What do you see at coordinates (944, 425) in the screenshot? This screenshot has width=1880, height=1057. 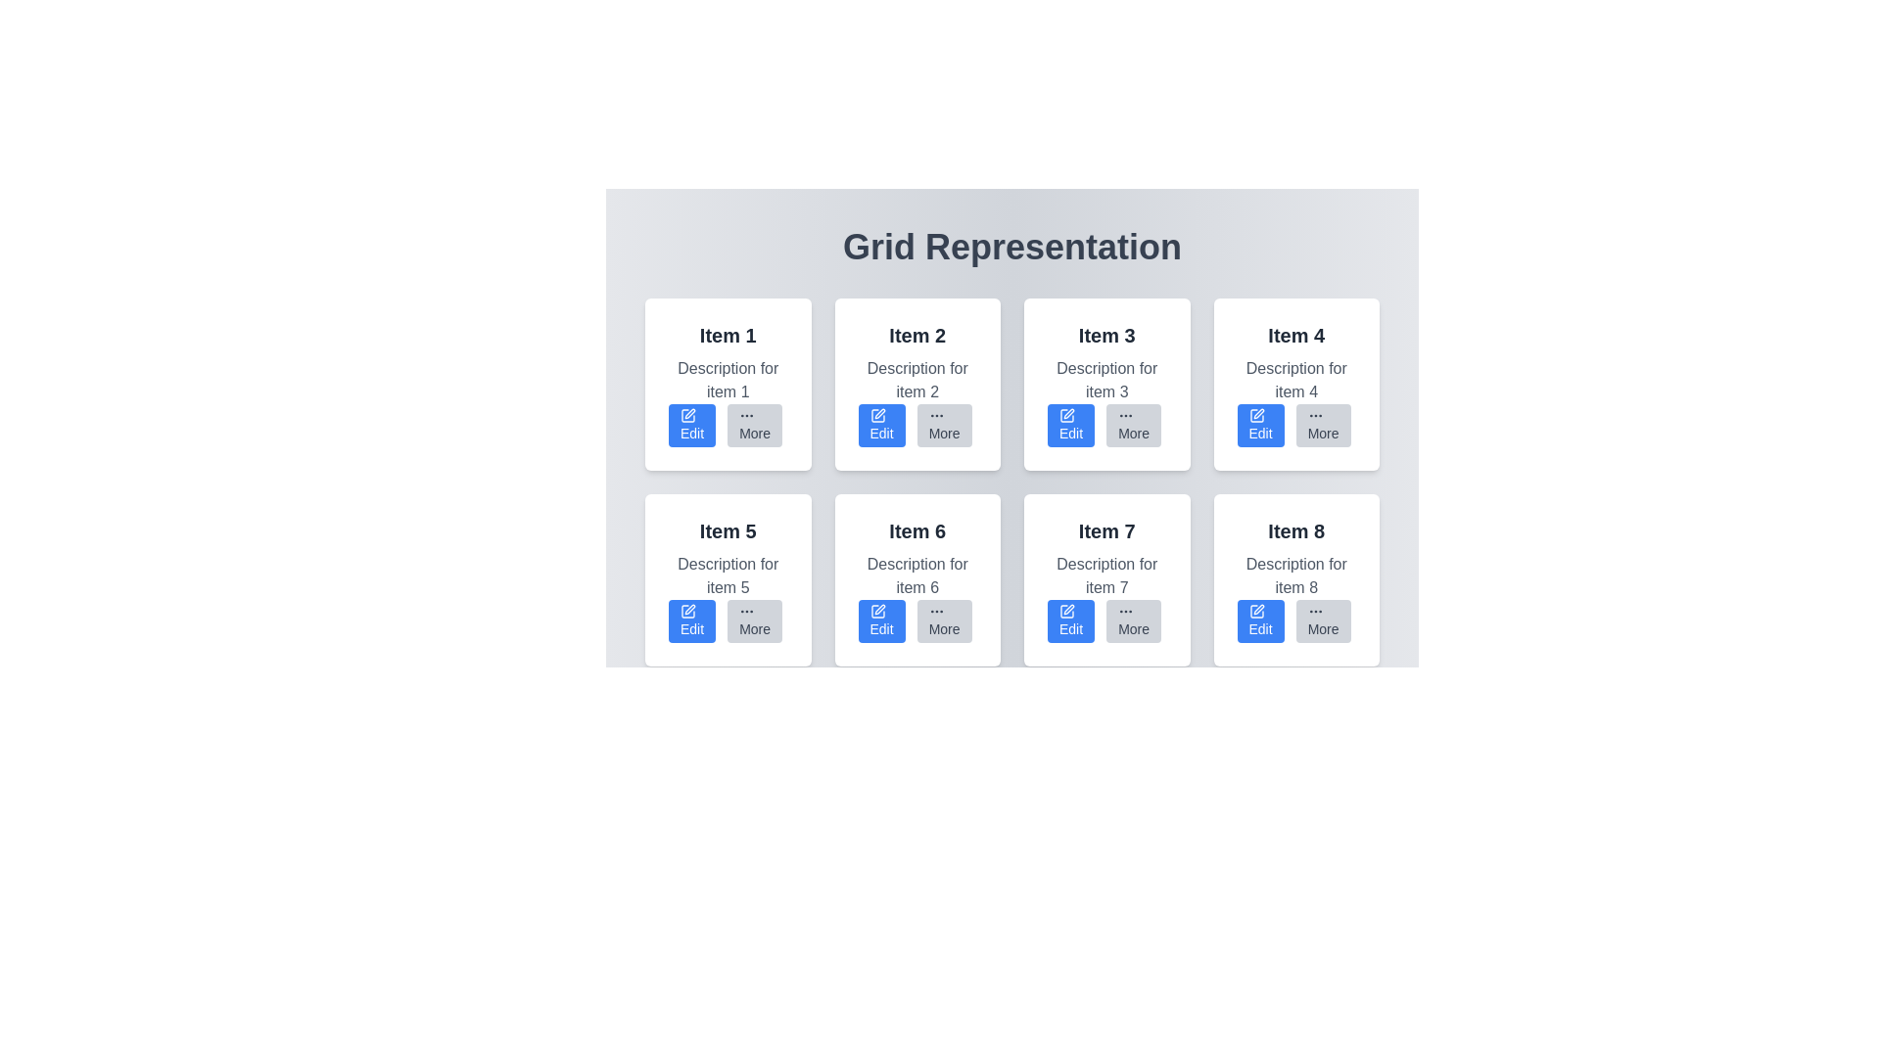 I see `the button labeled 'More' with a light gray background and an ellipsis icon, located in the second grid item of the first row, to potentially see a tooltip effect` at bounding box center [944, 425].